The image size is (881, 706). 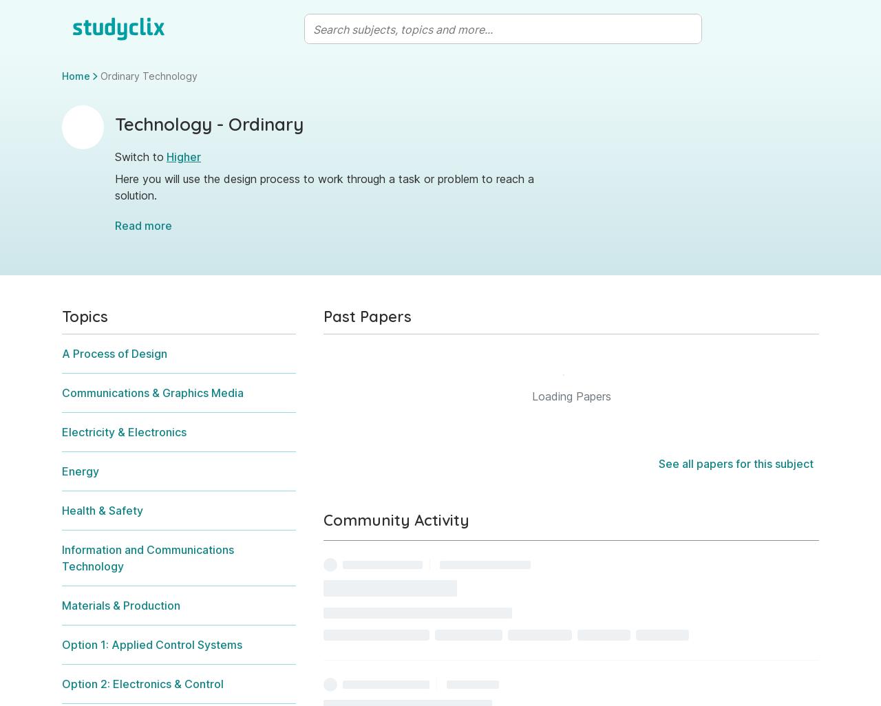 What do you see at coordinates (263, 467) in the screenshot?
I see `'The Science behind Studyclix'` at bounding box center [263, 467].